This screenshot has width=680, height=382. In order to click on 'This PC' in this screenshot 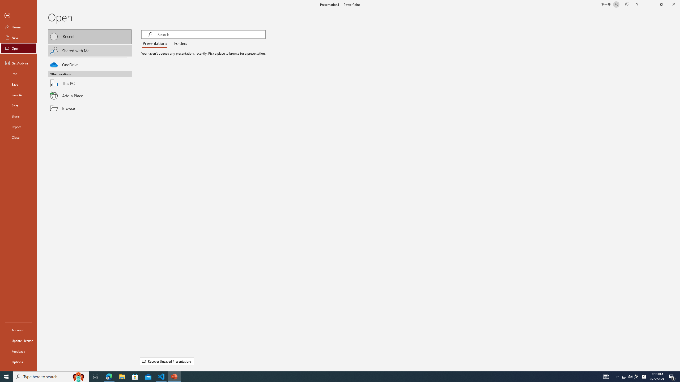, I will do `click(90, 80)`.